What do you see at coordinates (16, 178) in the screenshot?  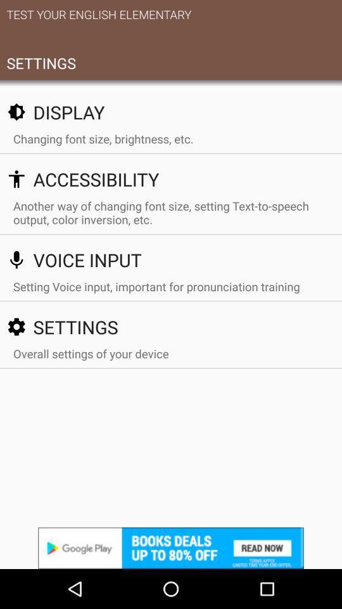 I see `the icon left to accessibility` at bounding box center [16, 178].